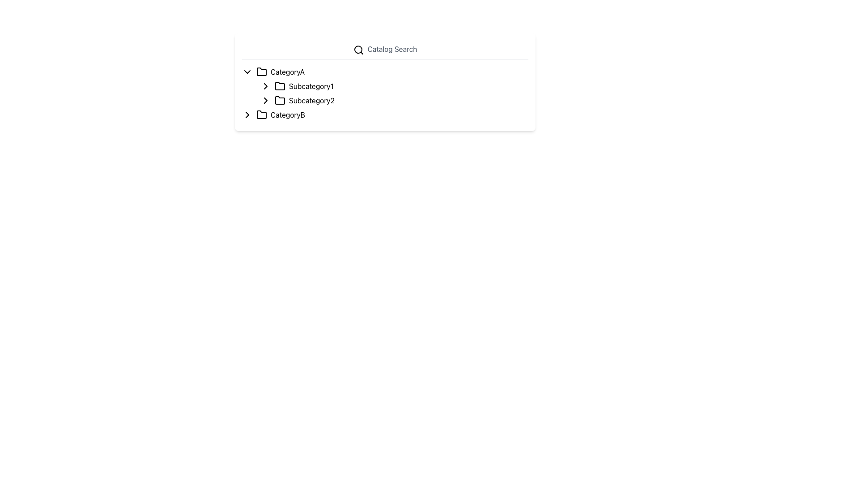 The image size is (859, 483). What do you see at coordinates (265, 86) in the screenshot?
I see `the chevron arrow icon pointing to the right` at bounding box center [265, 86].